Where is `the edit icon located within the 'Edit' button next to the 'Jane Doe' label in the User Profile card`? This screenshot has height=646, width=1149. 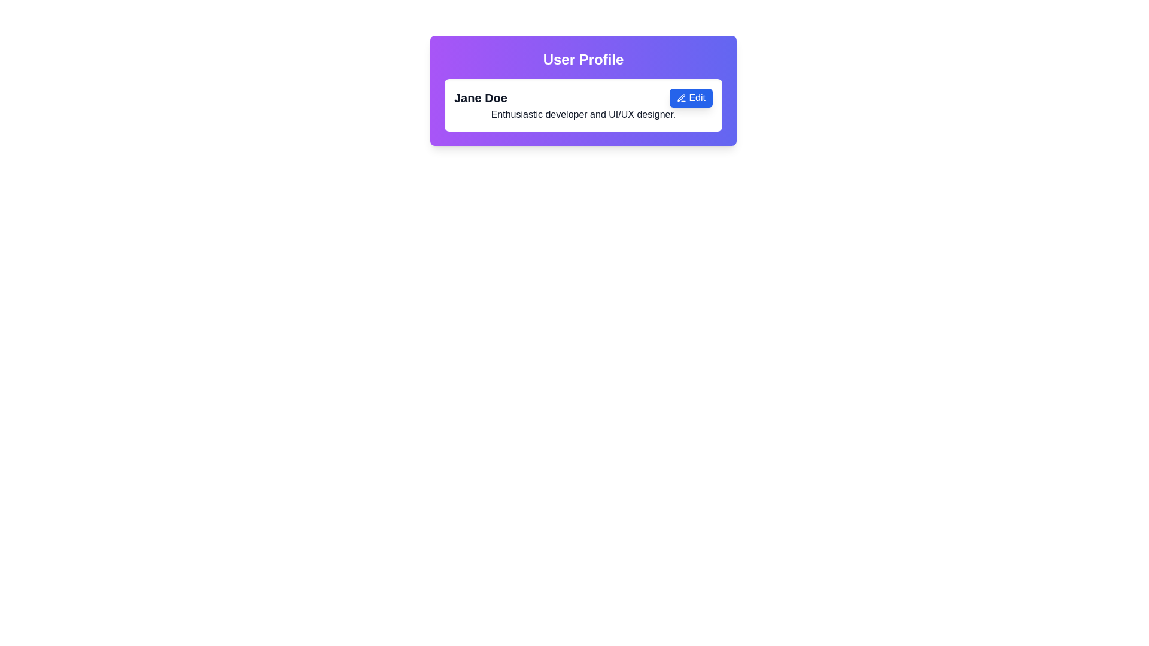
the edit icon located within the 'Edit' button next to the 'Jane Doe' label in the User Profile card is located at coordinates (682, 97).